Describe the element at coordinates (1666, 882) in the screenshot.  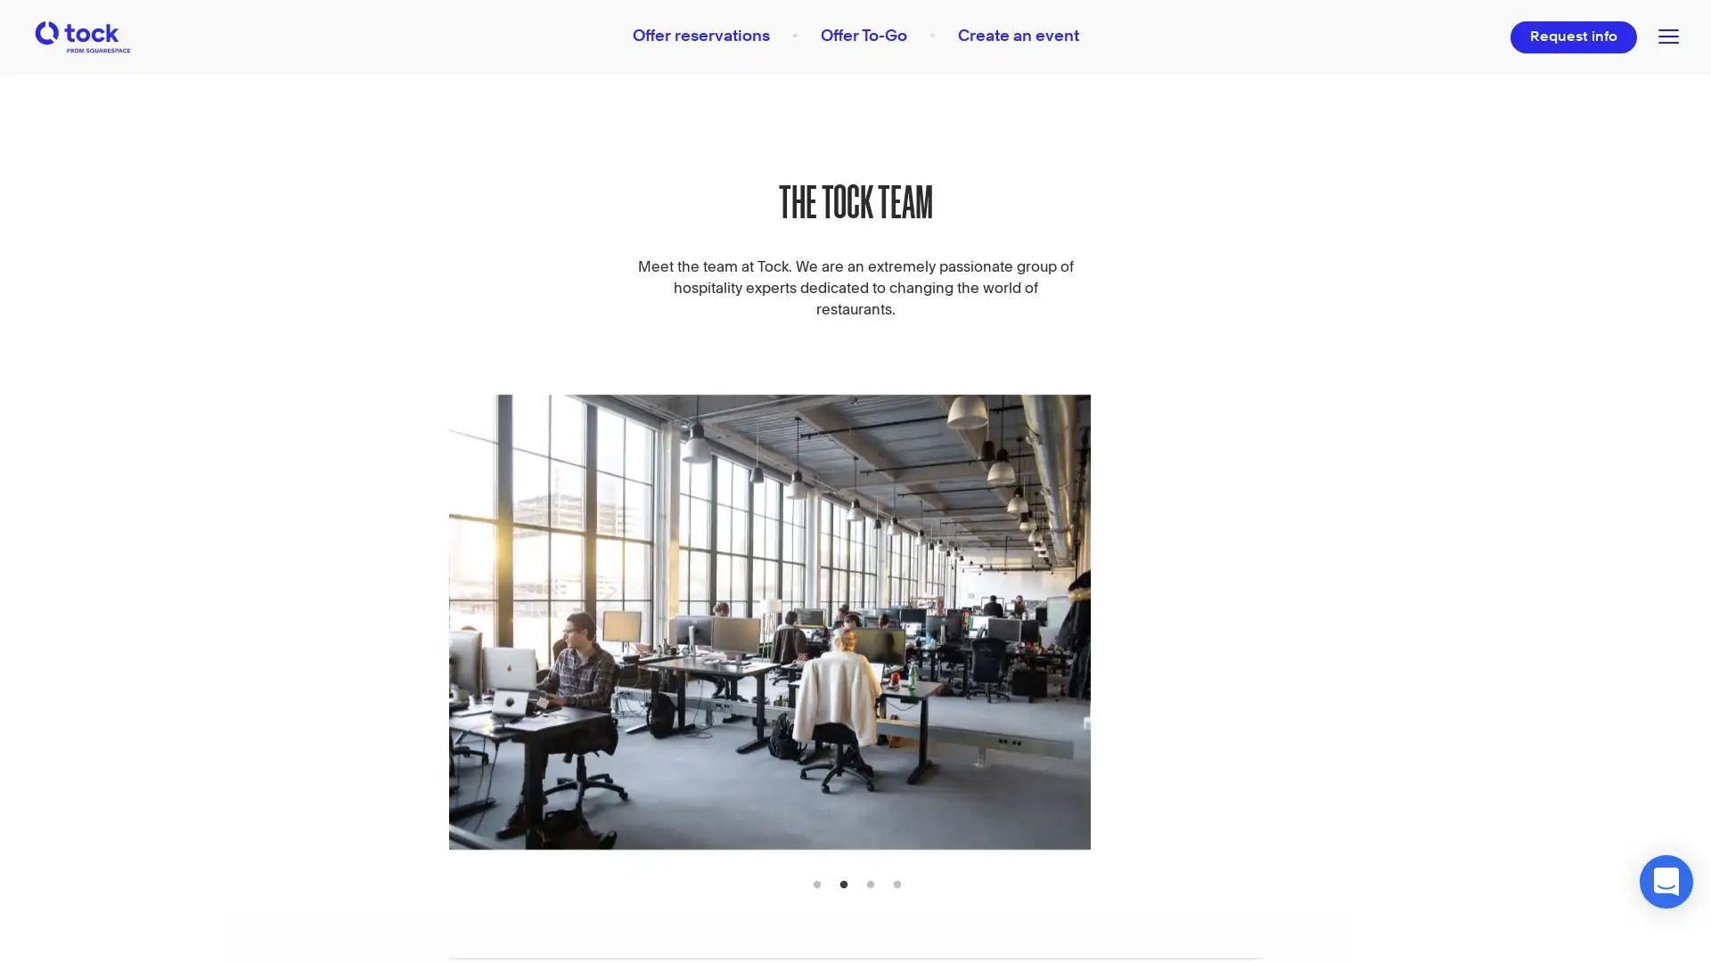
I see `Open Intercom Messenger` at that location.